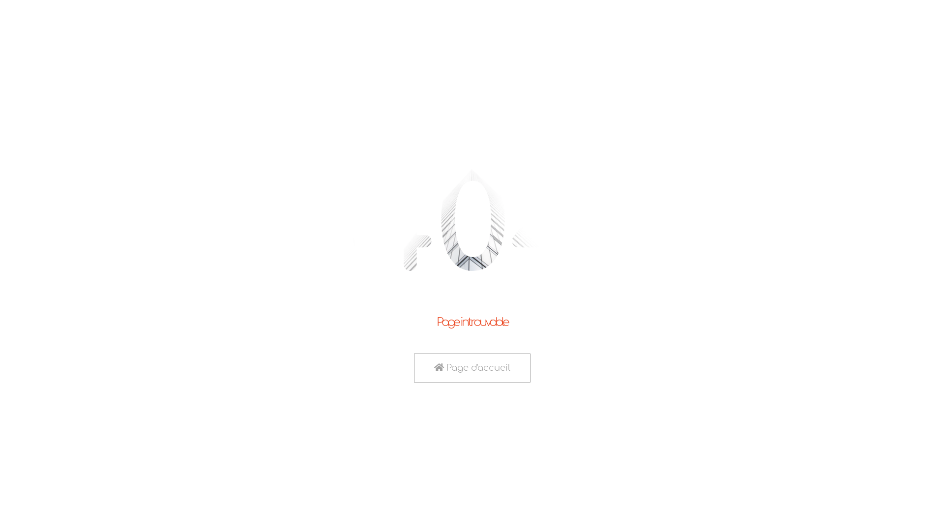 The image size is (944, 531). I want to click on 'Page d'accueil', so click(472, 368).